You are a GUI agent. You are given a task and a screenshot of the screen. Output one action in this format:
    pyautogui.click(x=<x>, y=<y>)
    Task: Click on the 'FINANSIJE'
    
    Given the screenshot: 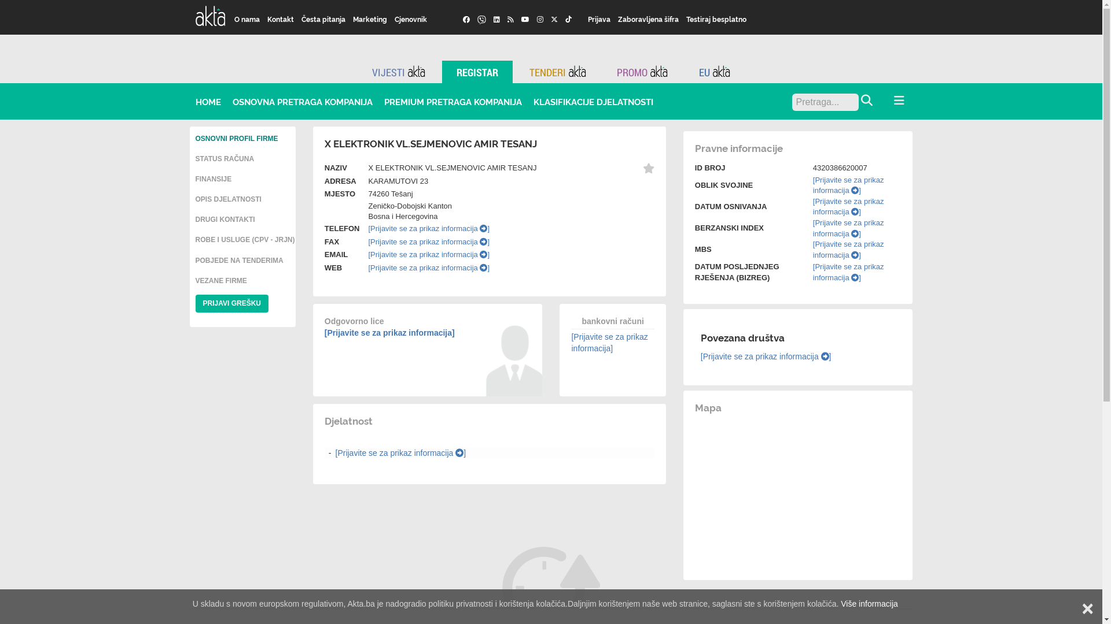 What is the action you would take?
    pyautogui.click(x=195, y=179)
    